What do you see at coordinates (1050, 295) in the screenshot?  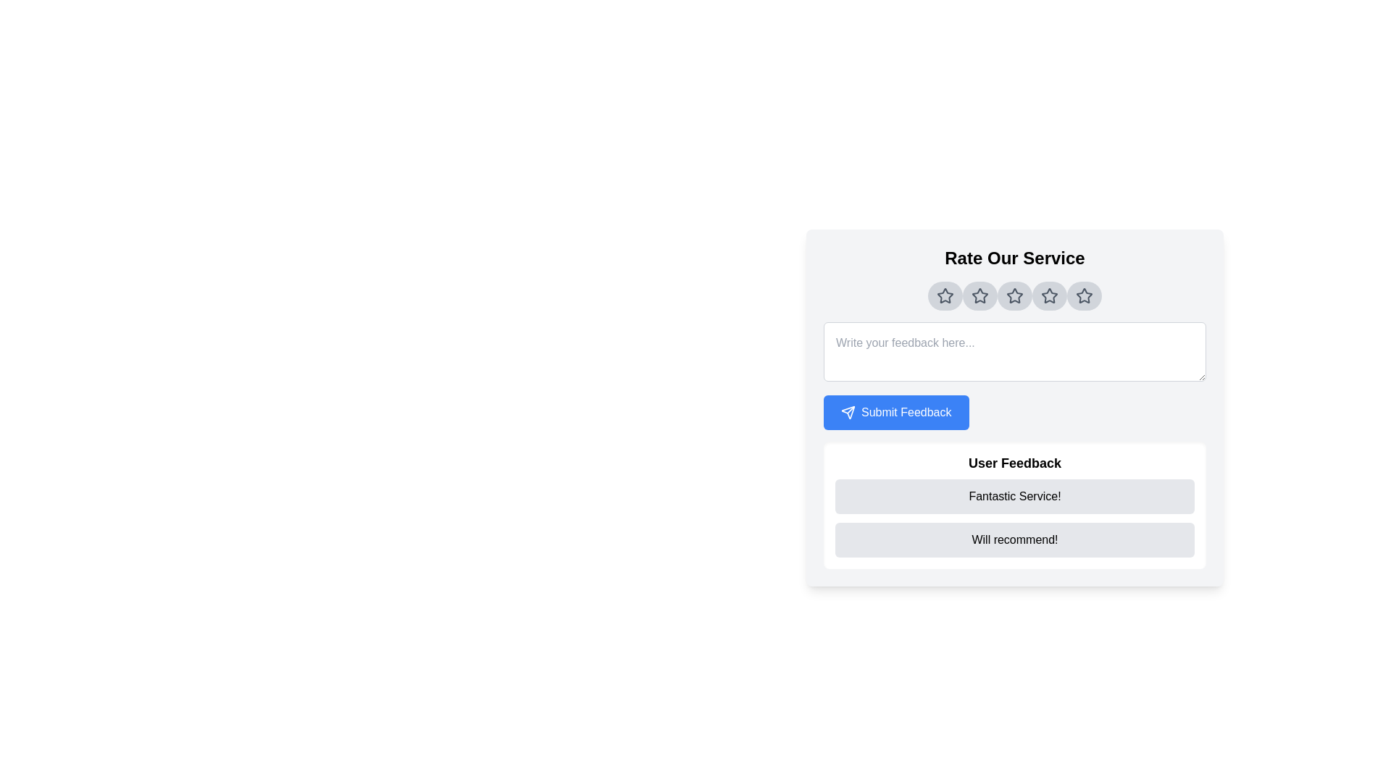 I see `the fifth circular button with a star icon` at bounding box center [1050, 295].